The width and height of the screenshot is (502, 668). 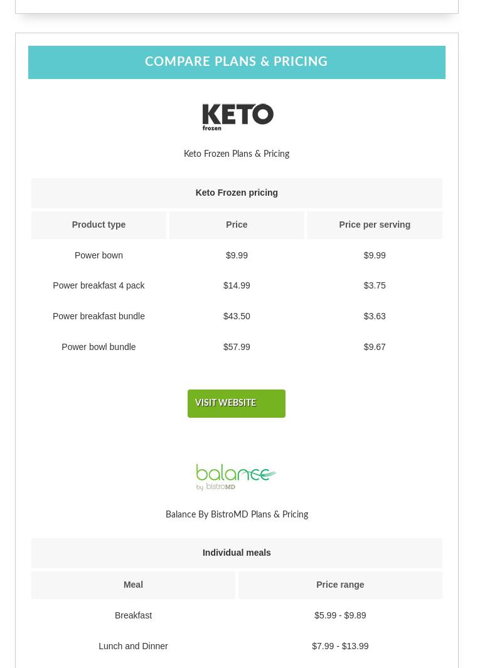 I want to click on '$7.99 - $13.99', so click(x=340, y=645).